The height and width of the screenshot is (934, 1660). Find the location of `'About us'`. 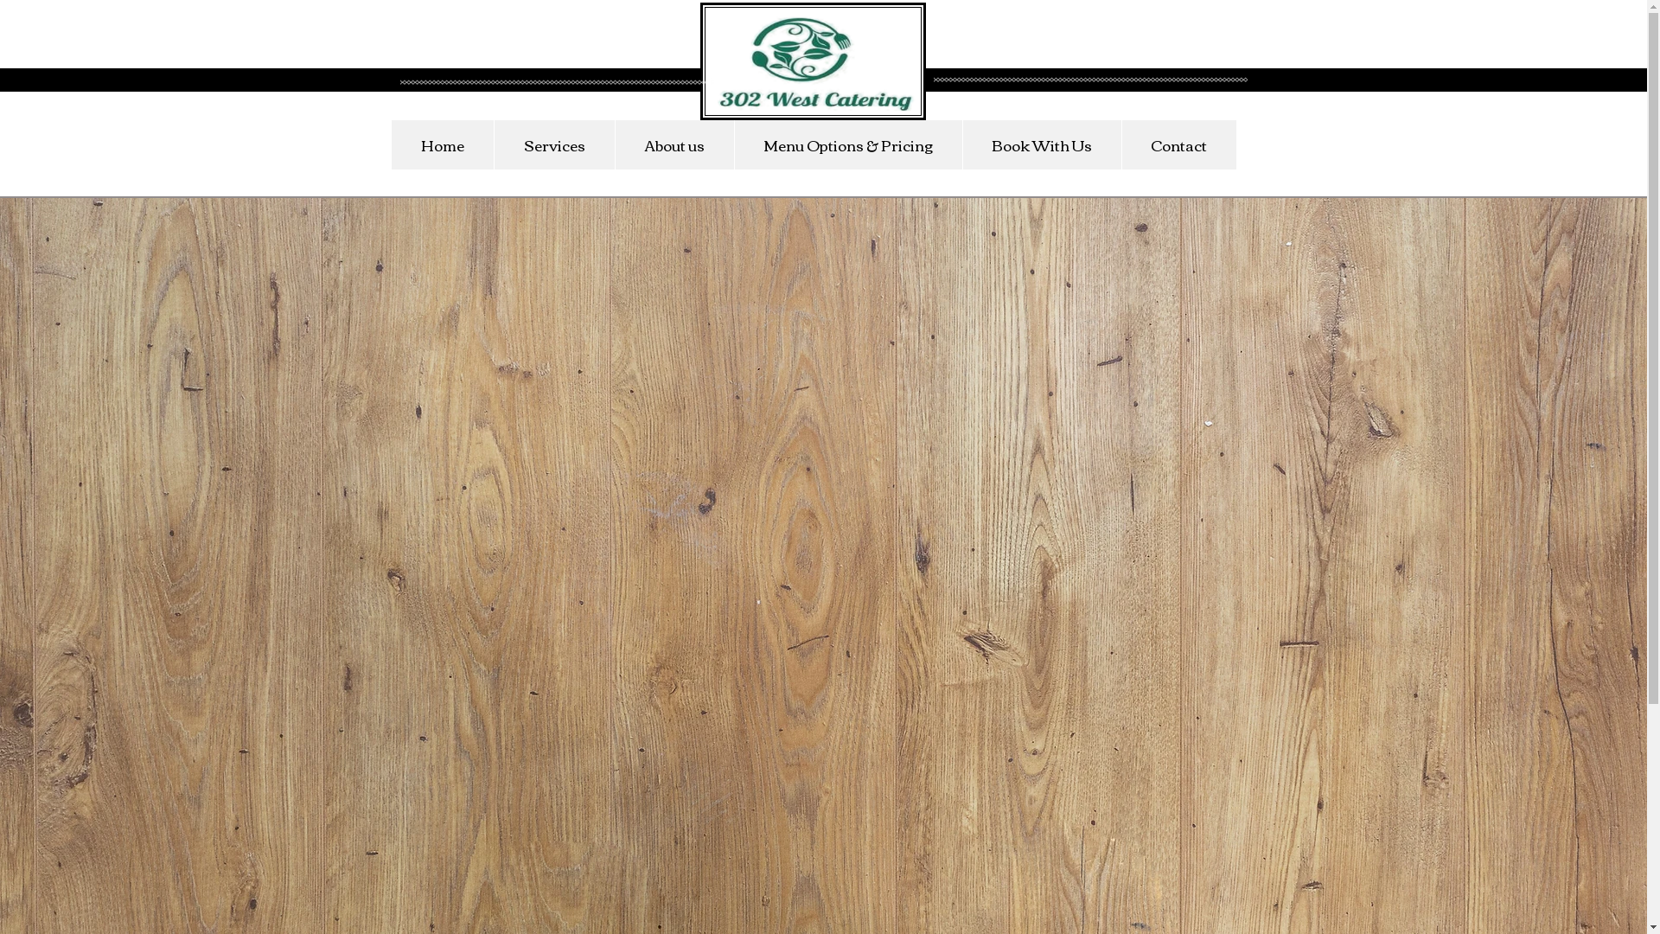

'About us' is located at coordinates (614, 144).